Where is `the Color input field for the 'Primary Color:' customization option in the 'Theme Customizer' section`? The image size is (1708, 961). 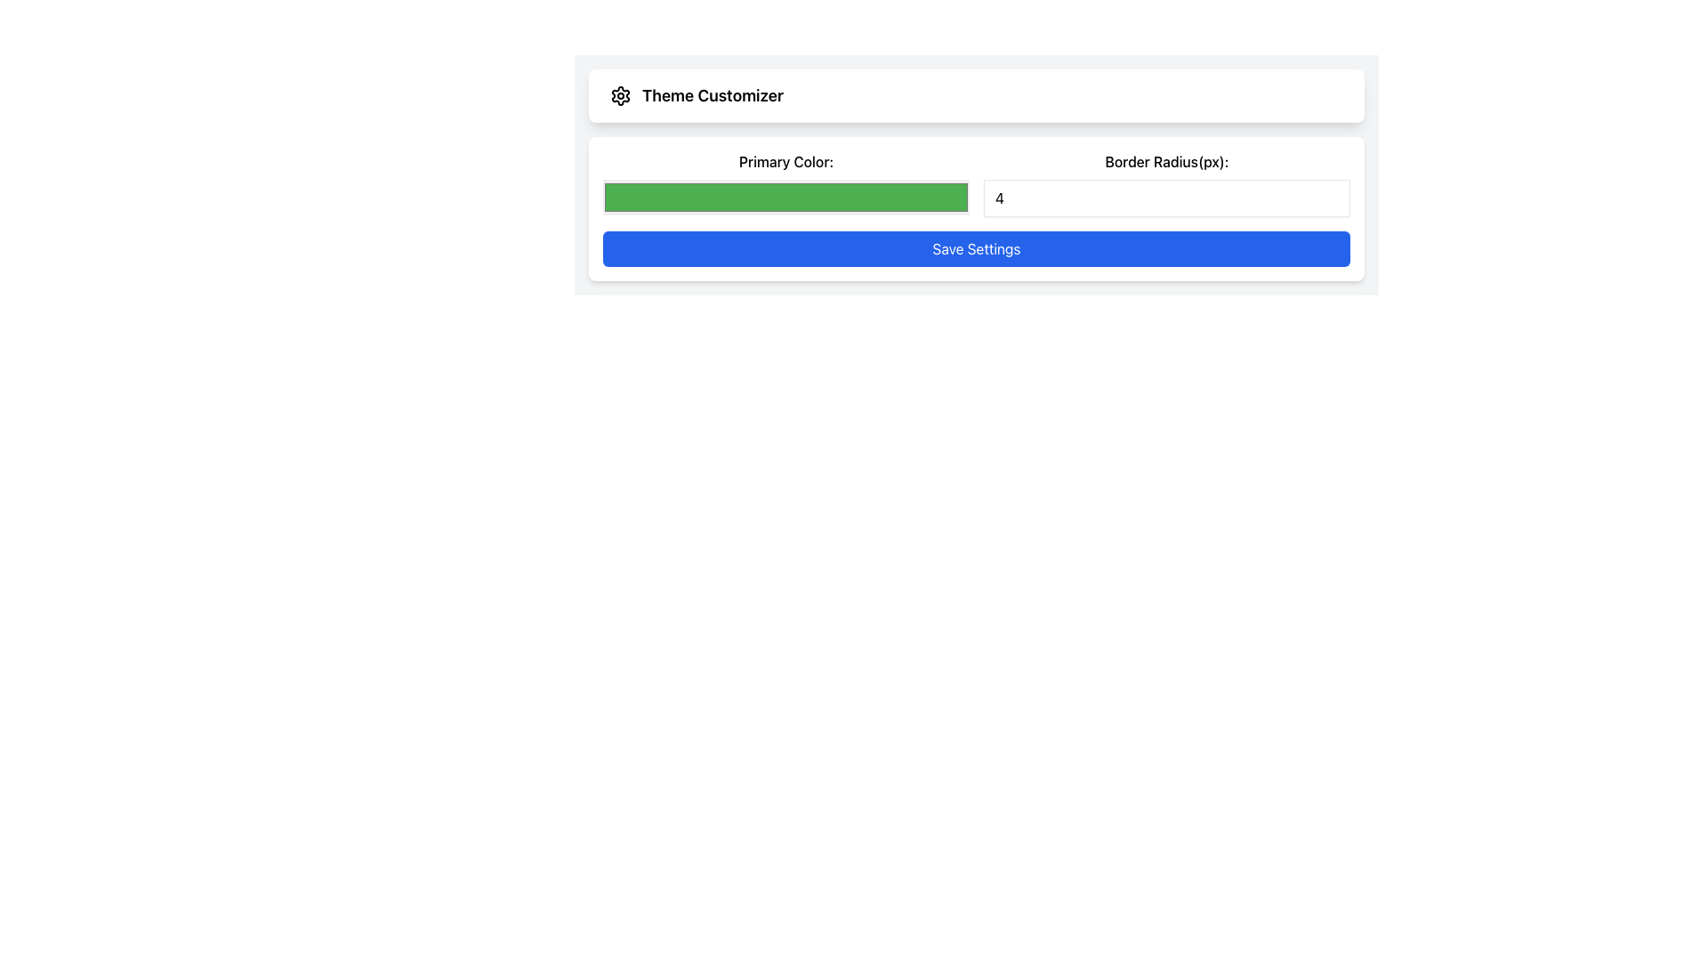
the Color input field for the 'Primary Color:' customization option in the 'Theme Customizer' section is located at coordinates (785, 184).